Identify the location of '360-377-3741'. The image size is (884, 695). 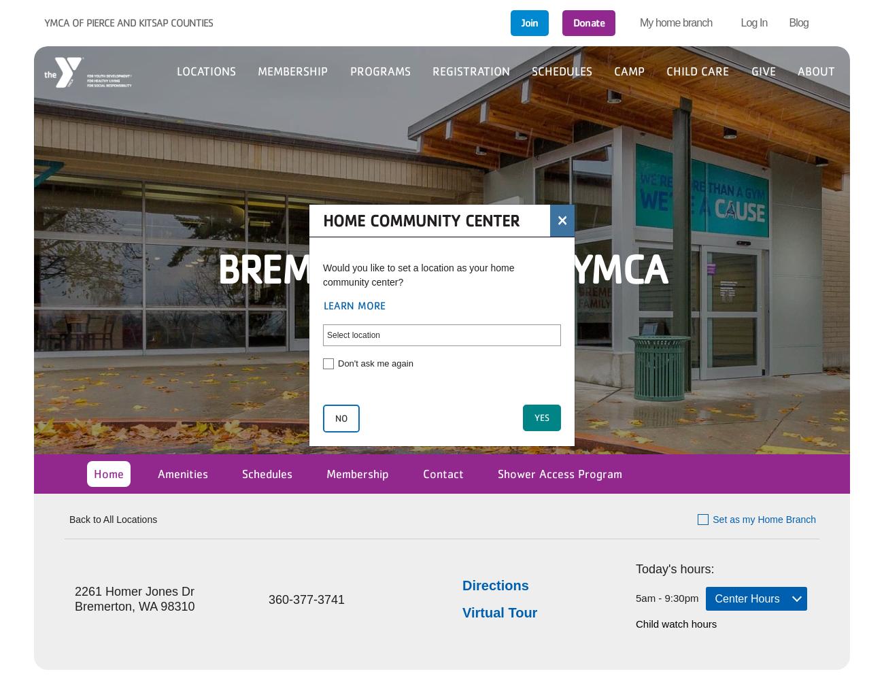
(305, 598).